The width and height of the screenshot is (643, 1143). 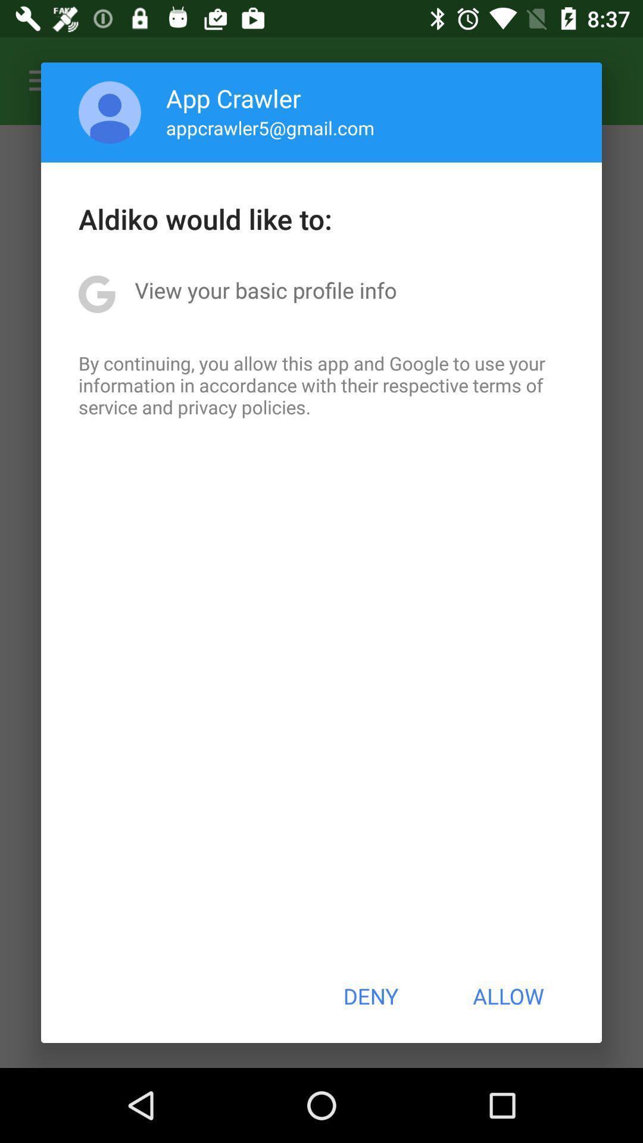 I want to click on app to the left of the app crawler, so click(x=110, y=112).